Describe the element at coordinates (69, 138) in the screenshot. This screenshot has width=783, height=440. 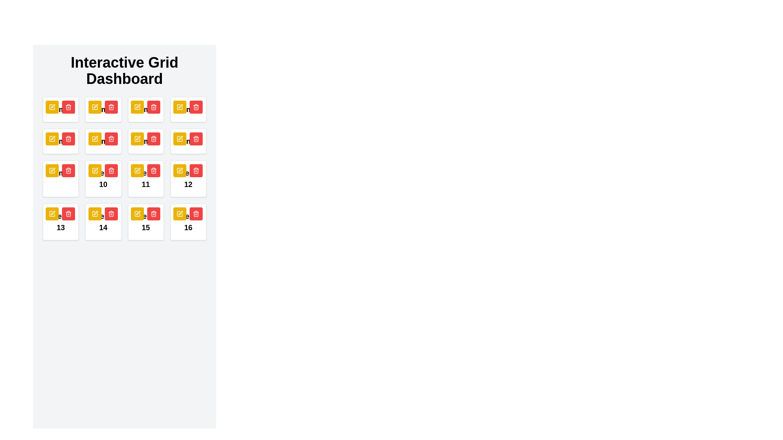
I see `the red circular button with a trash can icon located in the top-right corner of a card` at that location.